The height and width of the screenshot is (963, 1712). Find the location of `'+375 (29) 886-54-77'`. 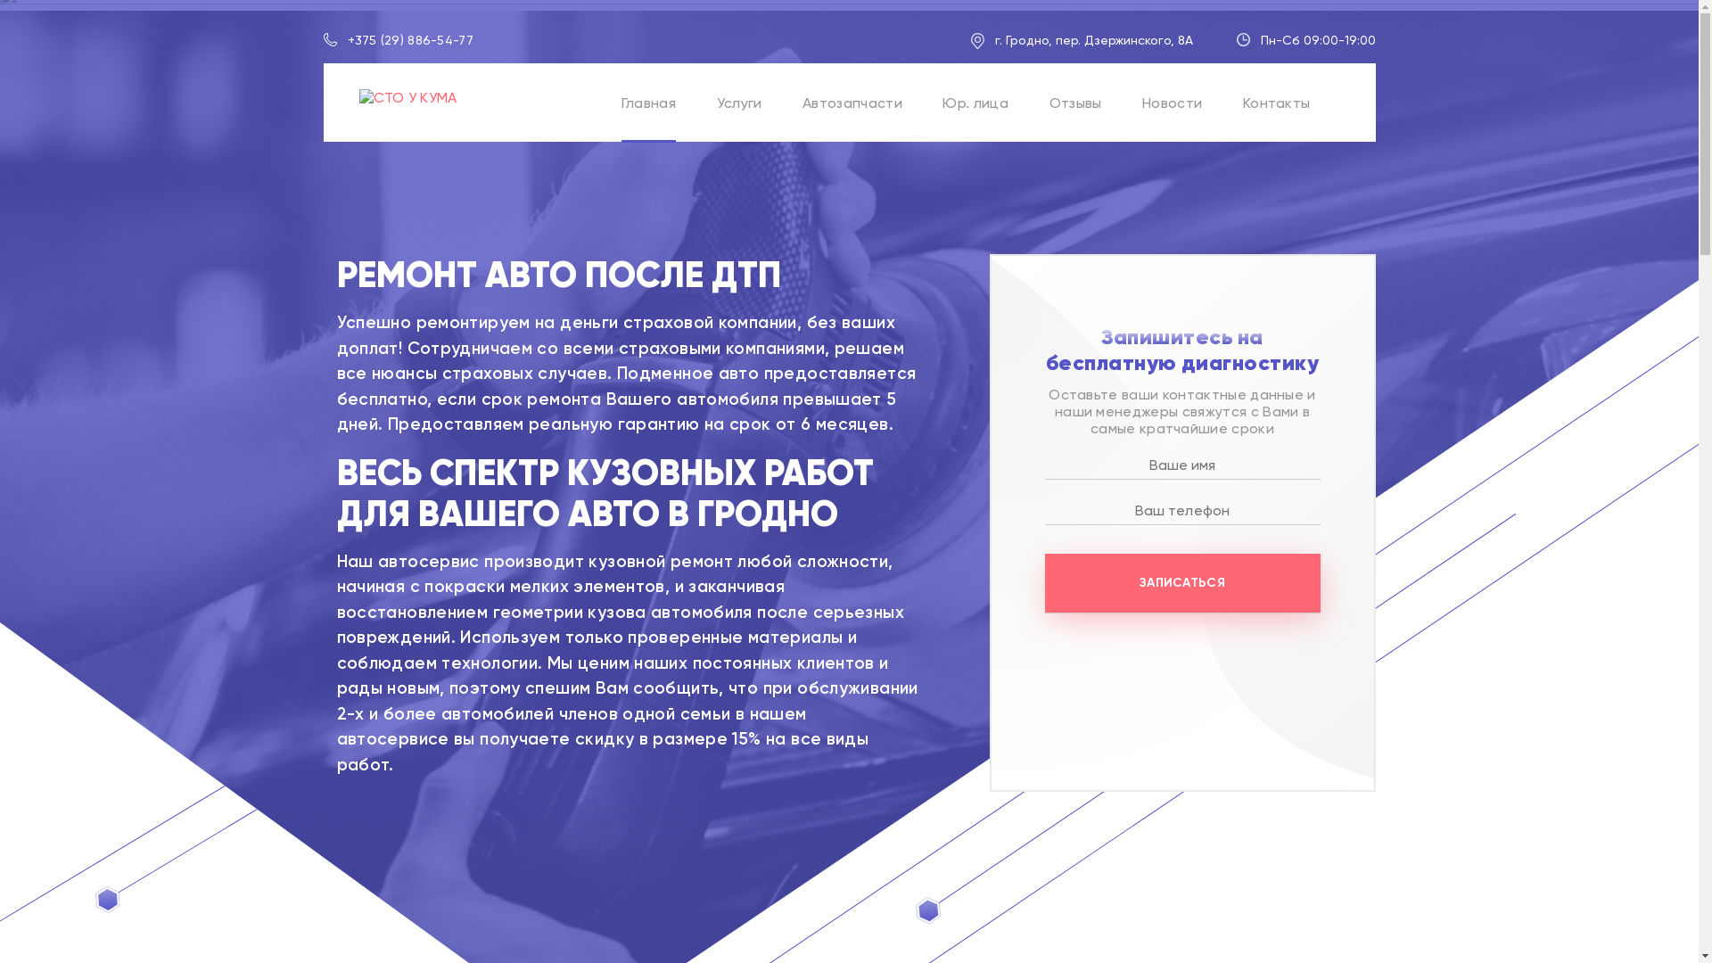

'+375 (29) 886-54-77' is located at coordinates (347, 40).